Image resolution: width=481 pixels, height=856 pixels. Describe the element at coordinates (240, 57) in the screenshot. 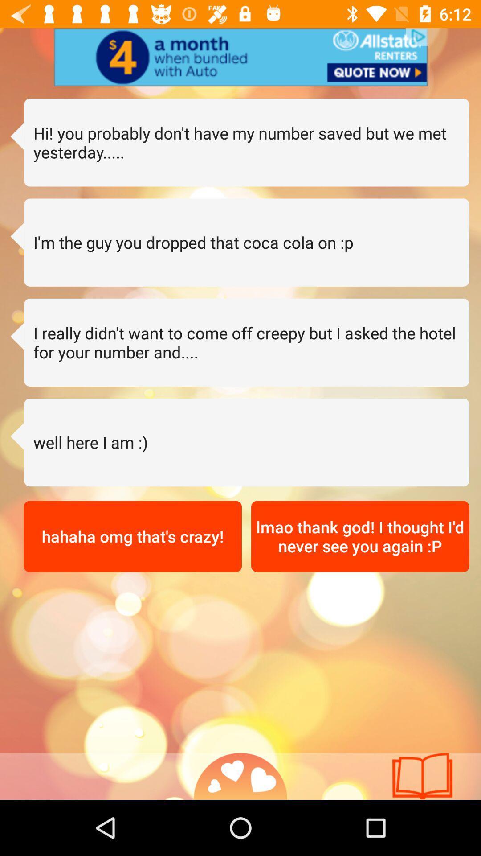

I see `advertisement` at that location.